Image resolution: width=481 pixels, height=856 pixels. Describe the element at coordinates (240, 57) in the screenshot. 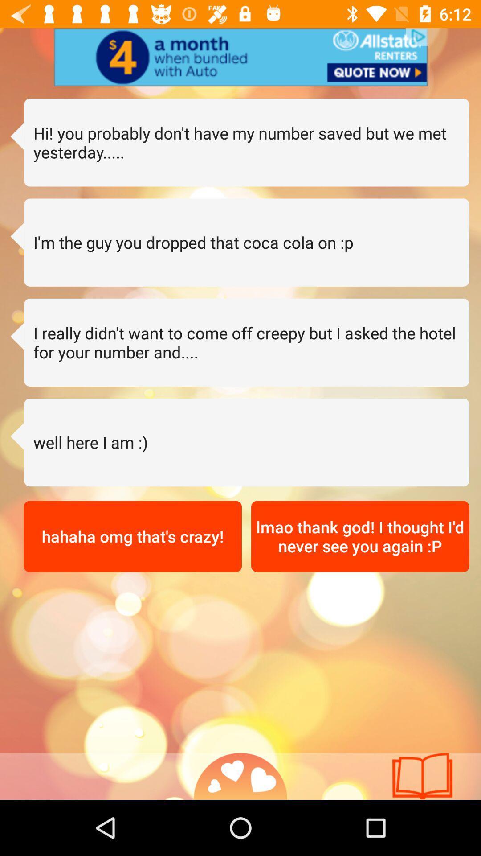

I see `advertisement` at that location.